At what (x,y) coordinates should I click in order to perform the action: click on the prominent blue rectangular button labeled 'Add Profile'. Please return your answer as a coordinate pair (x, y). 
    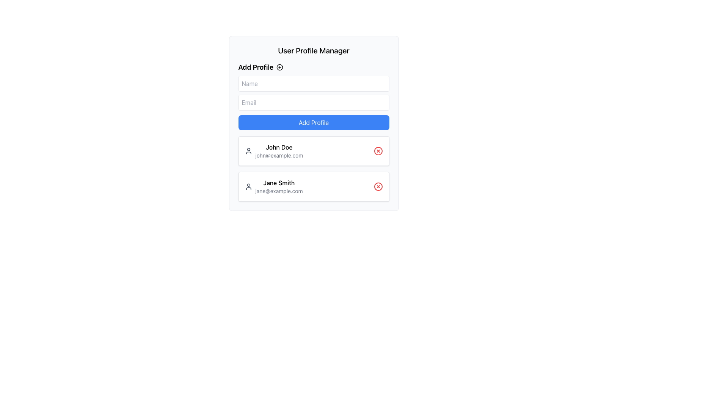
    Looking at the image, I should click on (314, 122).